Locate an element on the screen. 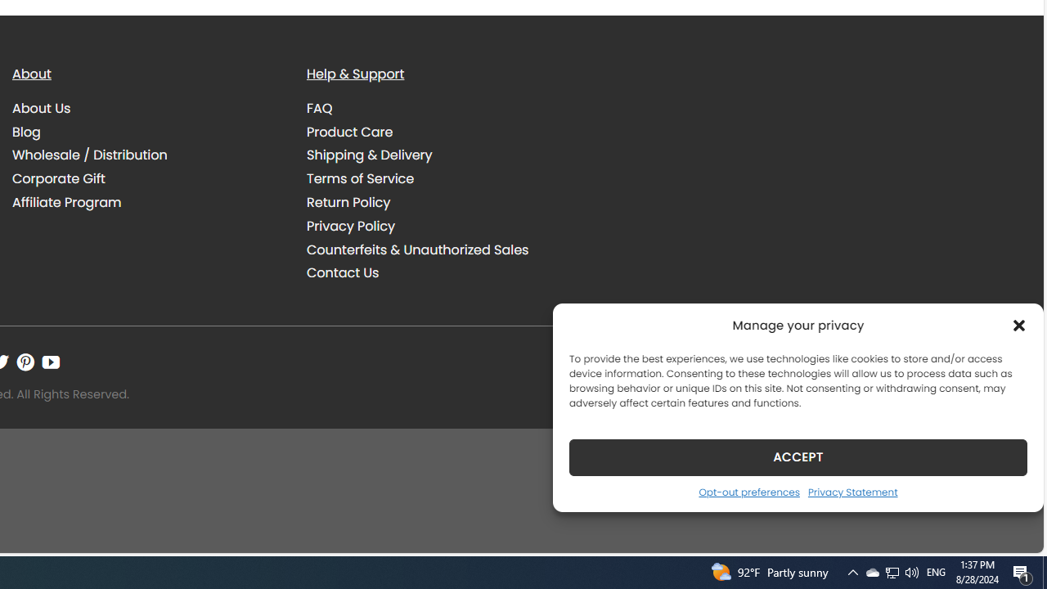 This screenshot has width=1047, height=589. 'Product Care' is located at coordinates (349, 130).